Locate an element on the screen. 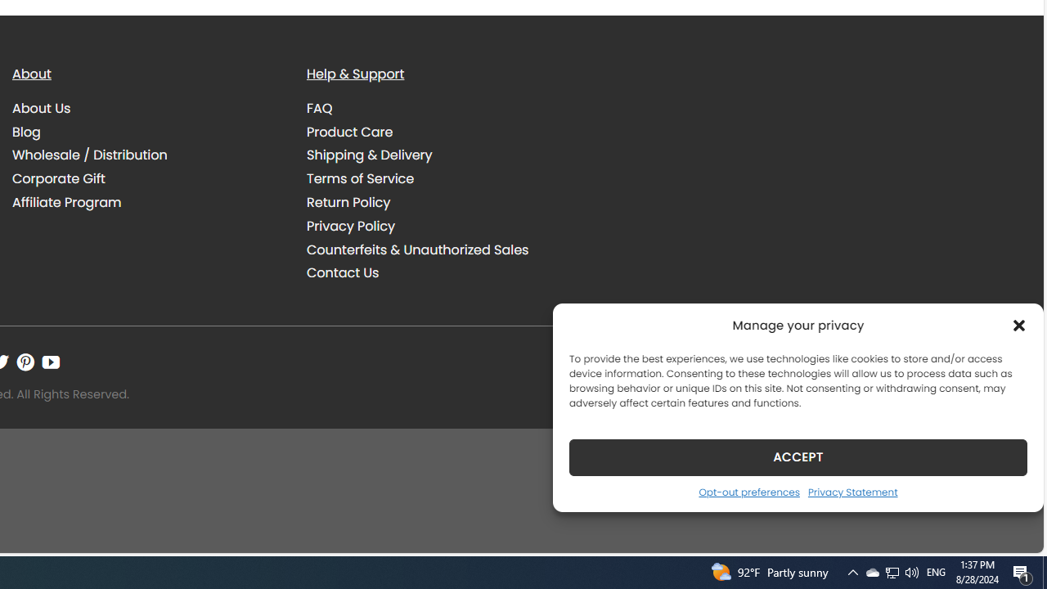 This screenshot has width=1047, height=589. 'Product Care' is located at coordinates (349, 130).